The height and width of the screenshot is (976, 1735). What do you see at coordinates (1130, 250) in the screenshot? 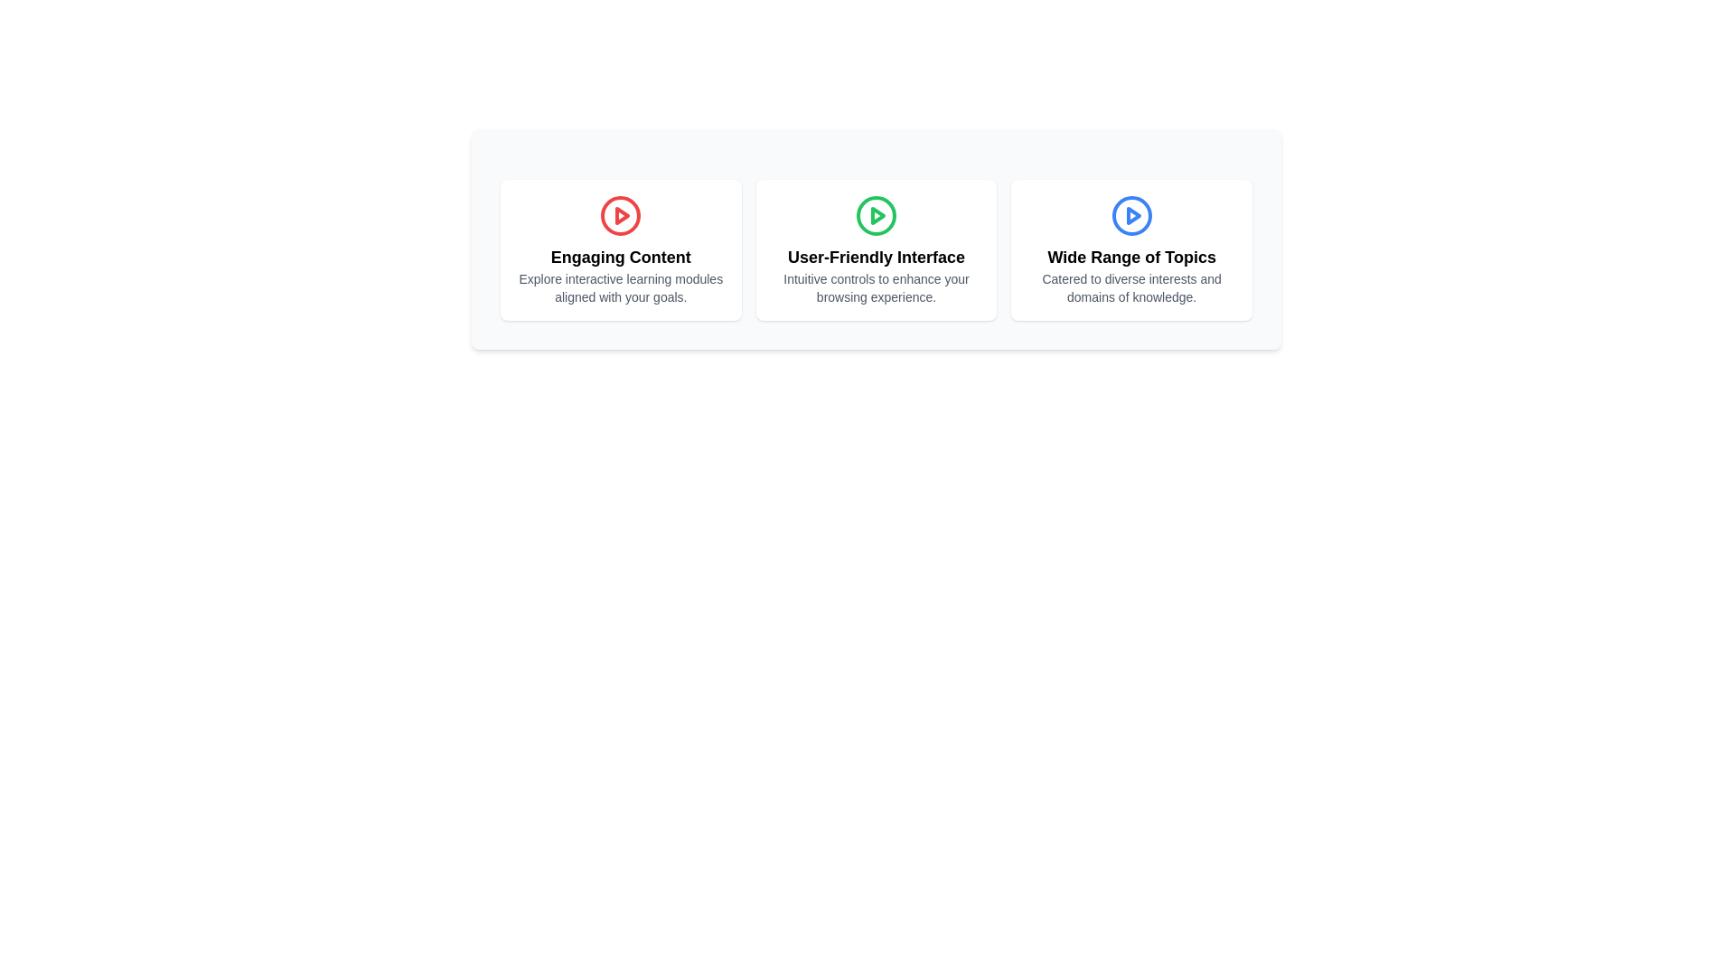
I see `the informational card located` at bounding box center [1130, 250].